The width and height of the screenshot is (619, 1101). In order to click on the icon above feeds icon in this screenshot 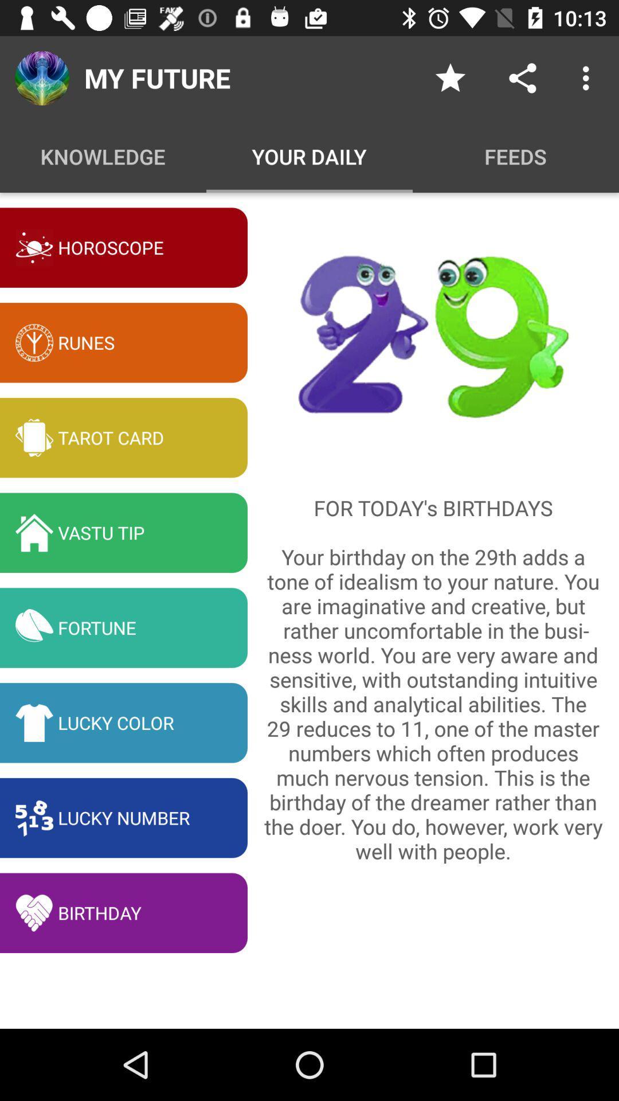, I will do `click(450, 77)`.